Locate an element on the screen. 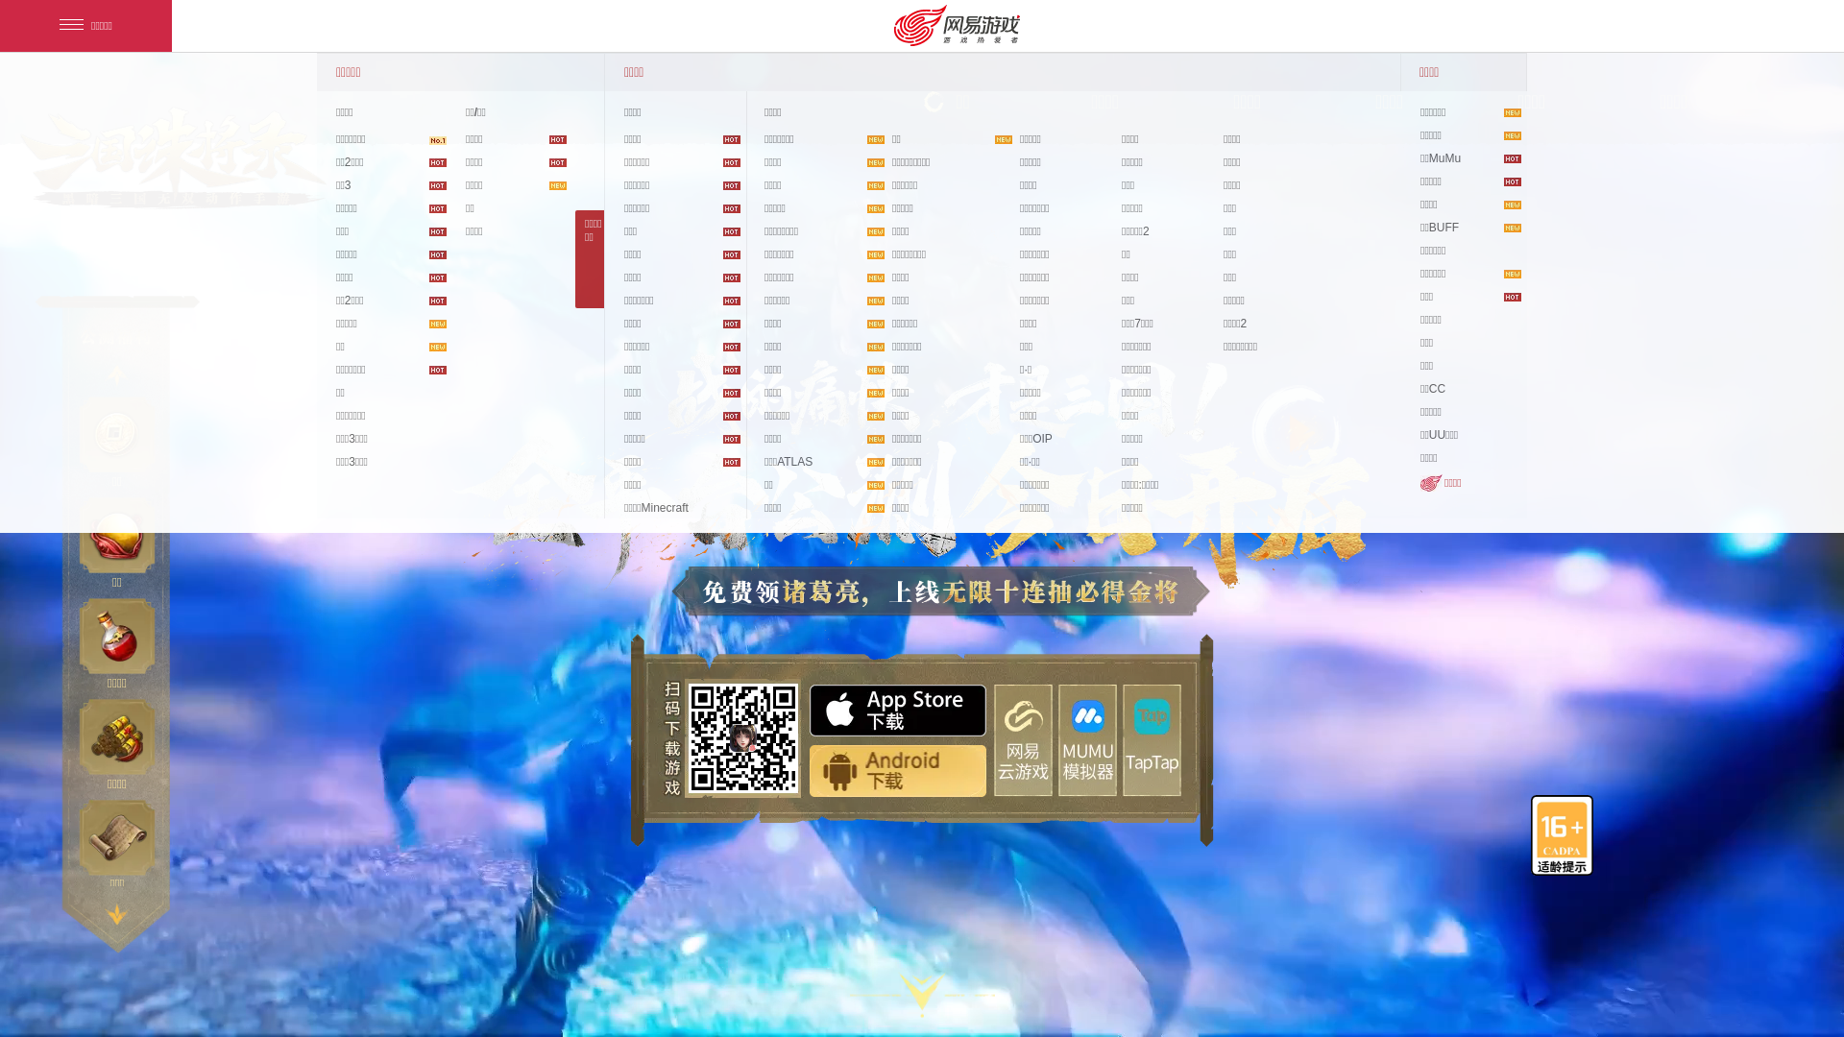  'tap tap' is located at coordinates (1152, 738).